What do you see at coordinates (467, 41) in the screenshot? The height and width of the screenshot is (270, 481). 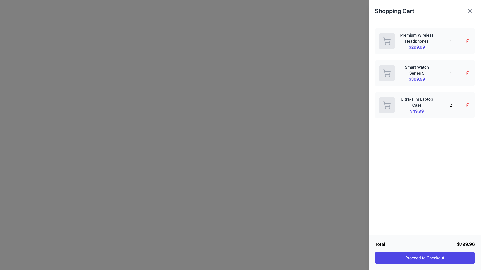 I see `the IconButton located at the rightmost position in the topmost row of the shopping cart for 'Premium Wireless Headphones'` at bounding box center [467, 41].